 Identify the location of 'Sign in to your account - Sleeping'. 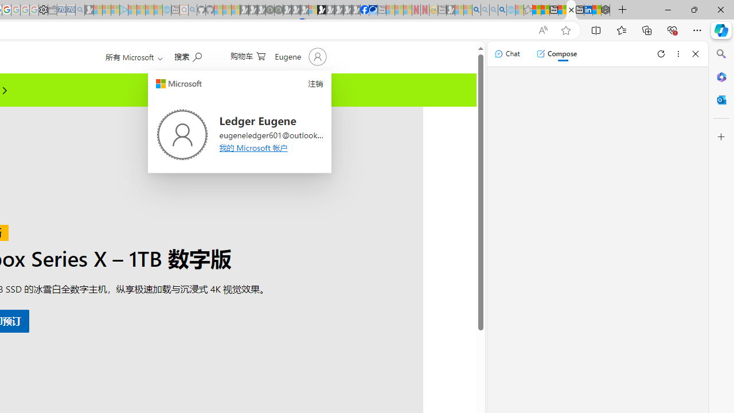
(313, 10).